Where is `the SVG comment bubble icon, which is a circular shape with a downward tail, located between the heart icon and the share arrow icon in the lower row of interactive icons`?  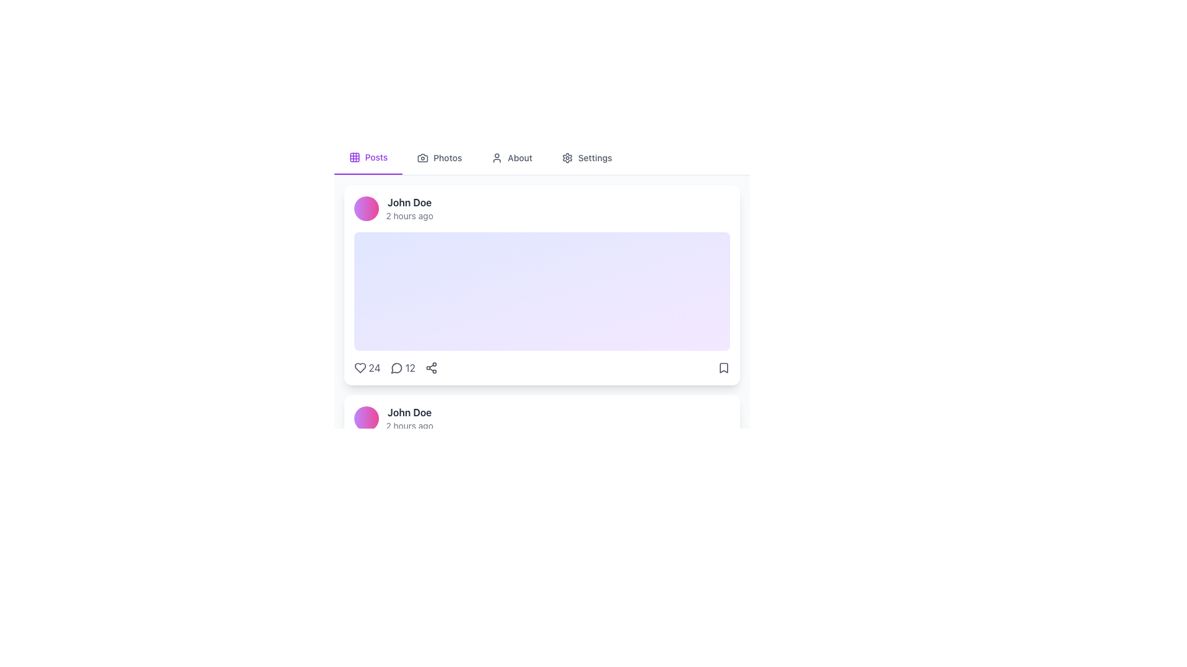
the SVG comment bubble icon, which is a circular shape with a downward tail, located between the heart icon and the share arrow icon in the lower row of interactive icons is located at coordinates (396, 367).